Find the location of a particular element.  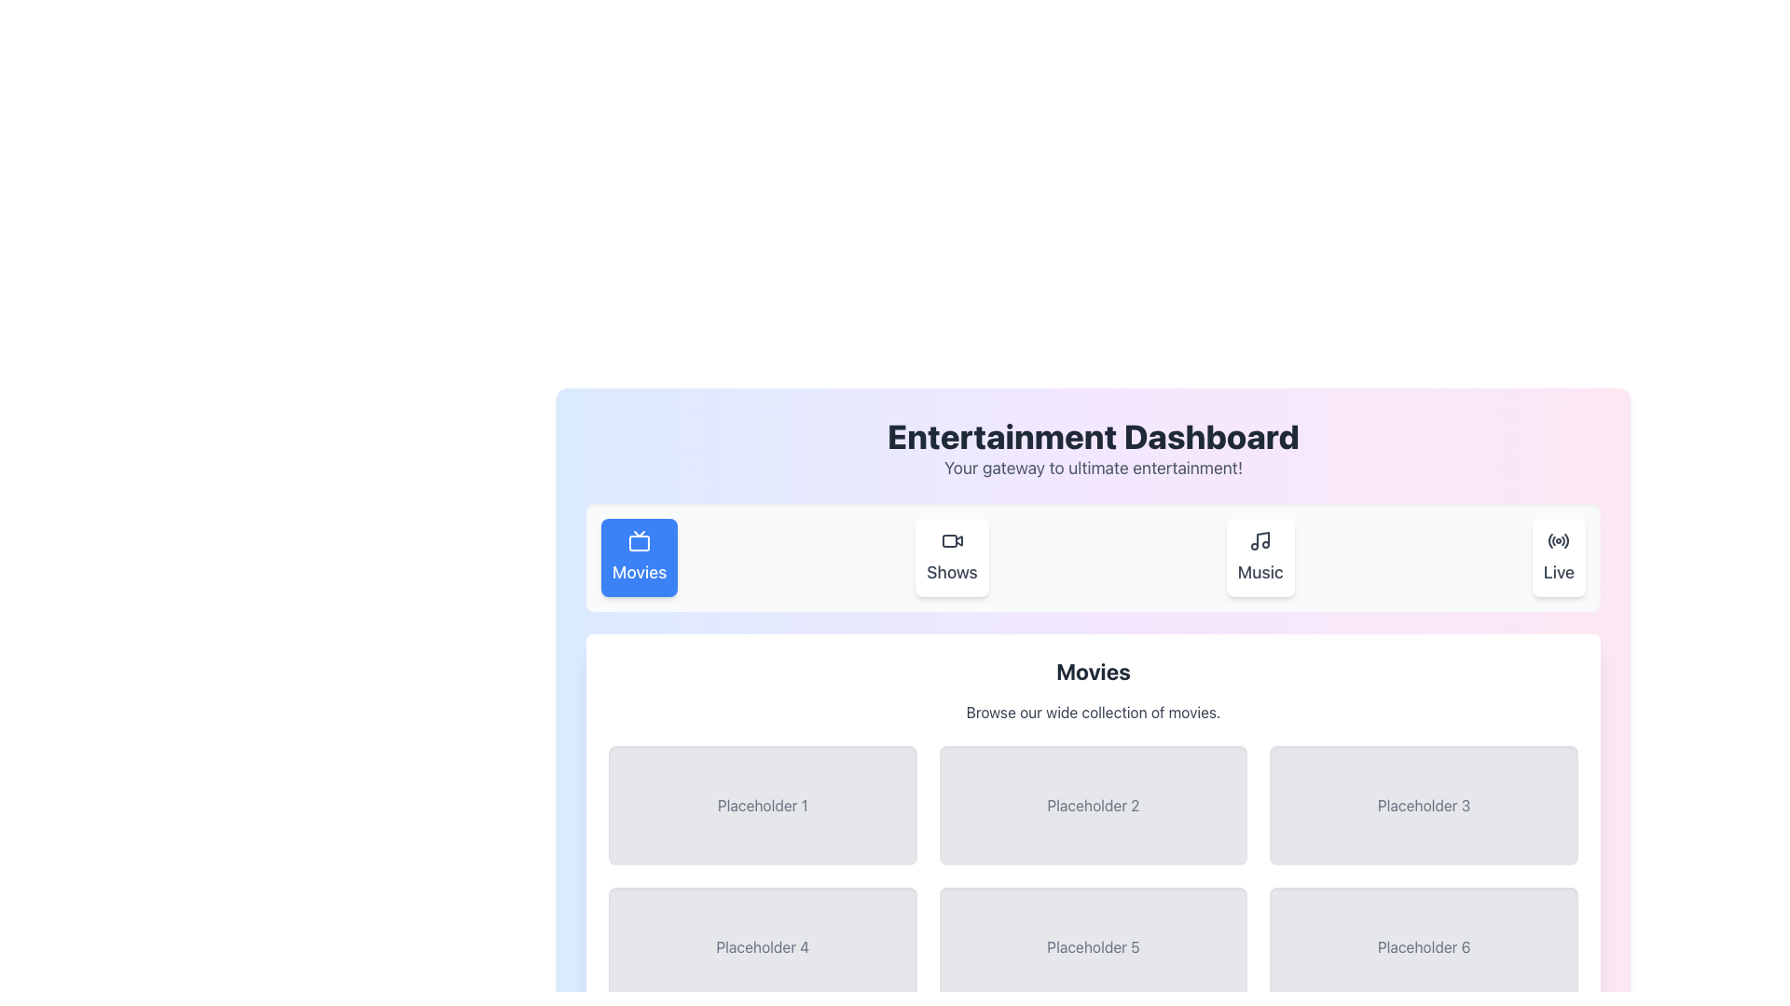

the 'Movies' text label, which serves as a section header indicating the category of the current content section is located at coordinates (1093, 672).